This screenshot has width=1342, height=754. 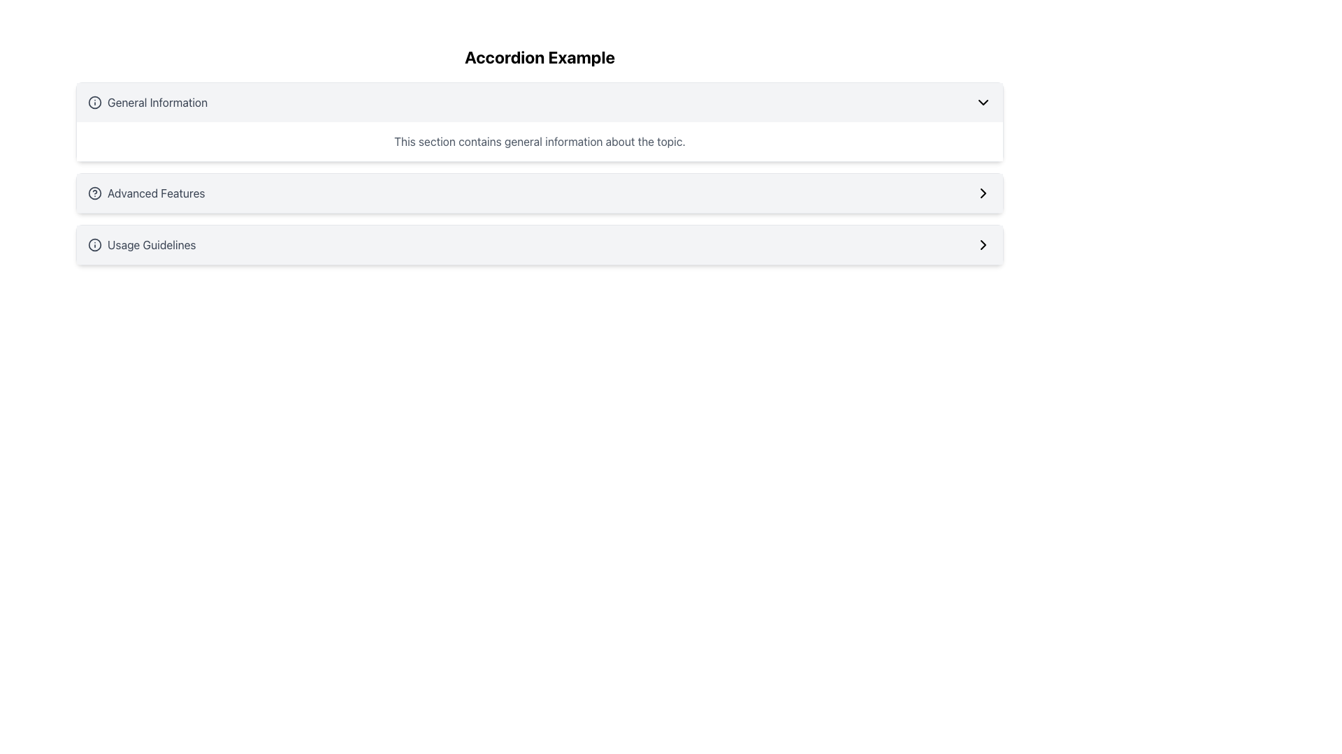 What do you see at coordinates (94, 244) in the screenshot?
I see `the circular 'Information' icon located to the left of the 'Usage Guidelines' label` at bounding box center [94, 244].